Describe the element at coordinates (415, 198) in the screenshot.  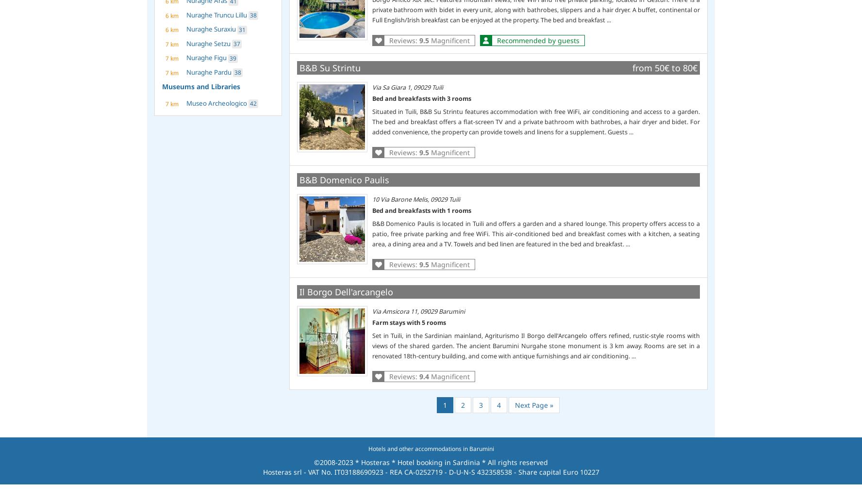
I see `'10 Via Barone Melis, 
09029 Tuili'` at that location.